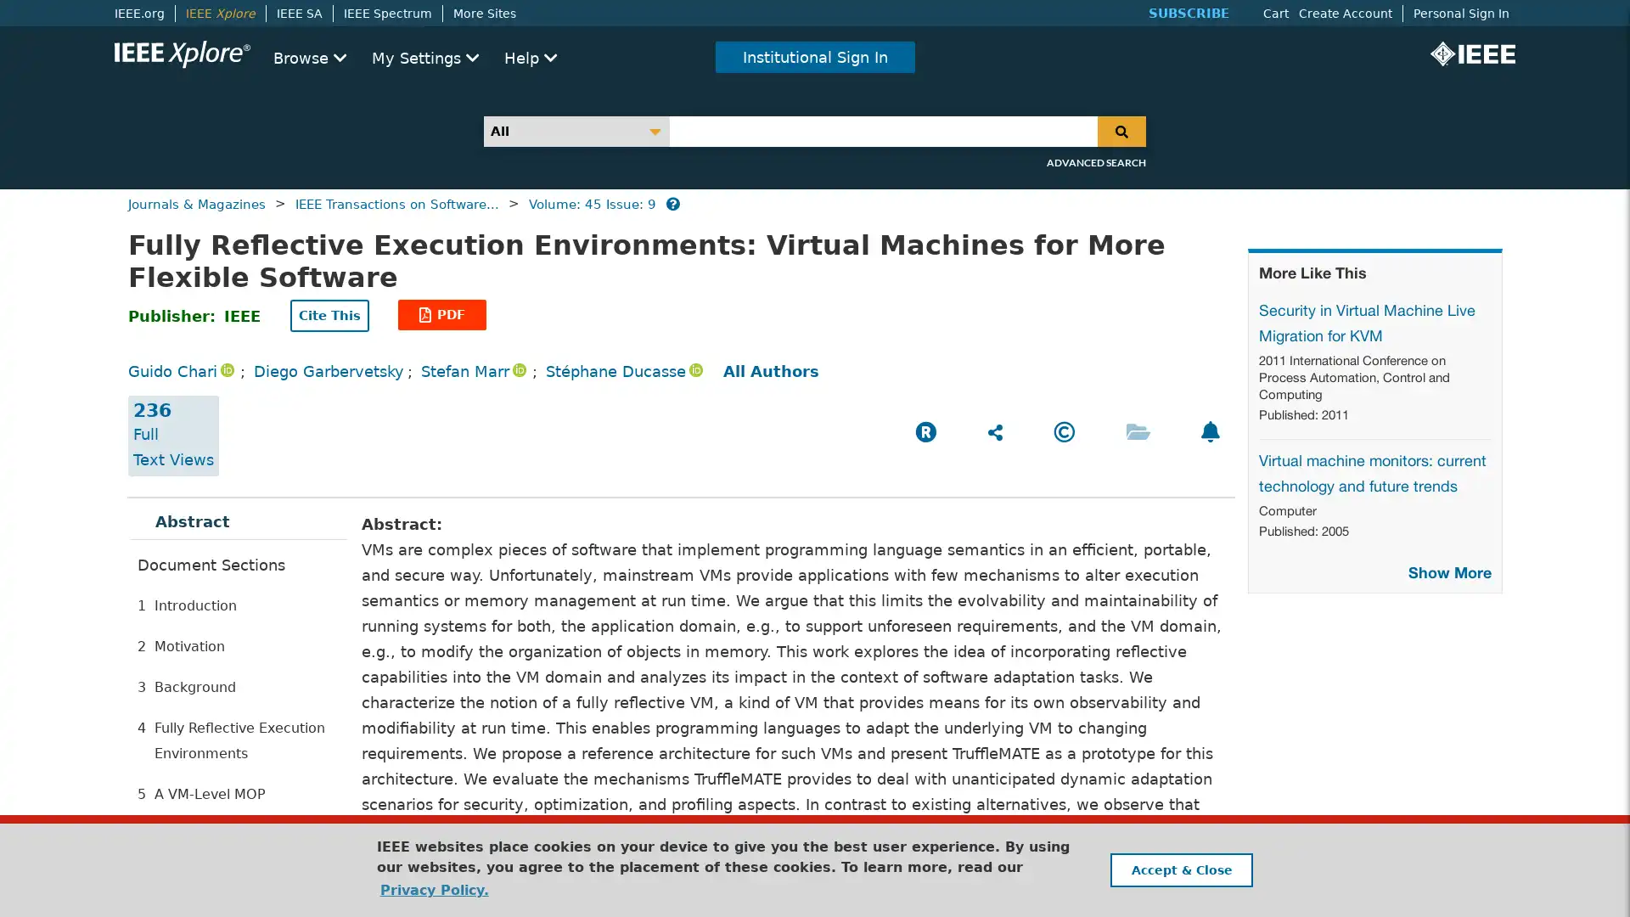 The height and width of the screenshot is (917, 1630). I want to click on dismiss cookie message, so click(1180, 869).